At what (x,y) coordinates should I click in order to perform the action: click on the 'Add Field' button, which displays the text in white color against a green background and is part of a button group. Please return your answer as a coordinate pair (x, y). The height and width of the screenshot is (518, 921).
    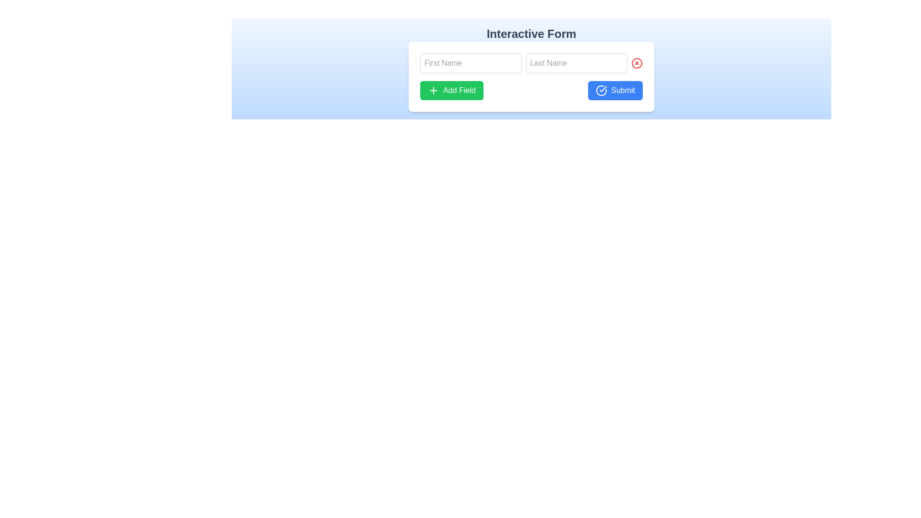
    Looking at the image, I should click on (459, 91).